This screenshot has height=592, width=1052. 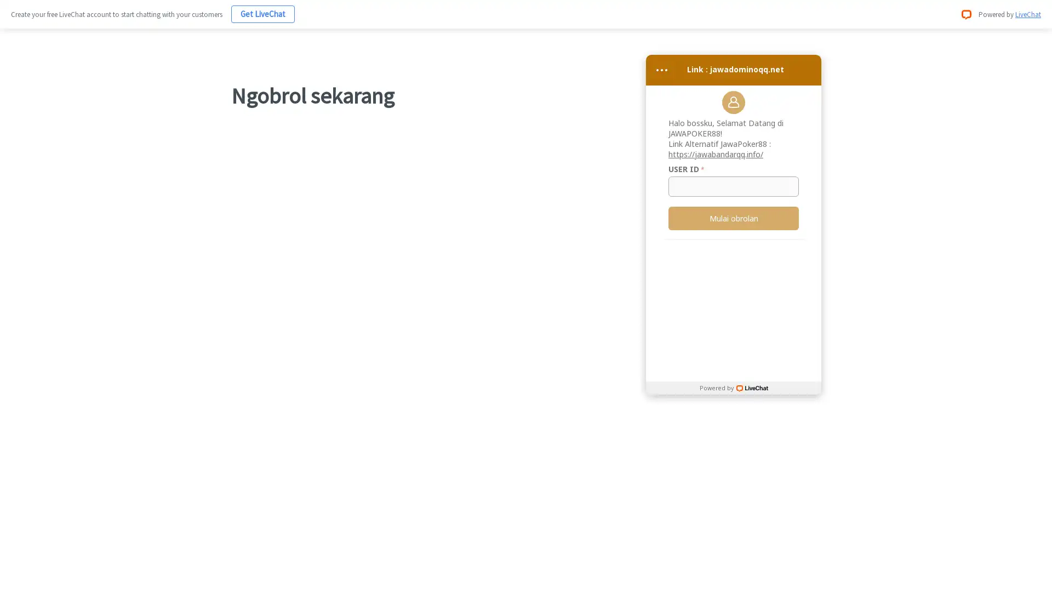 What do you see at coordinates (263, 14) in the screenshot?
I see `Get LiveChat` at bounding box center [263, 14].